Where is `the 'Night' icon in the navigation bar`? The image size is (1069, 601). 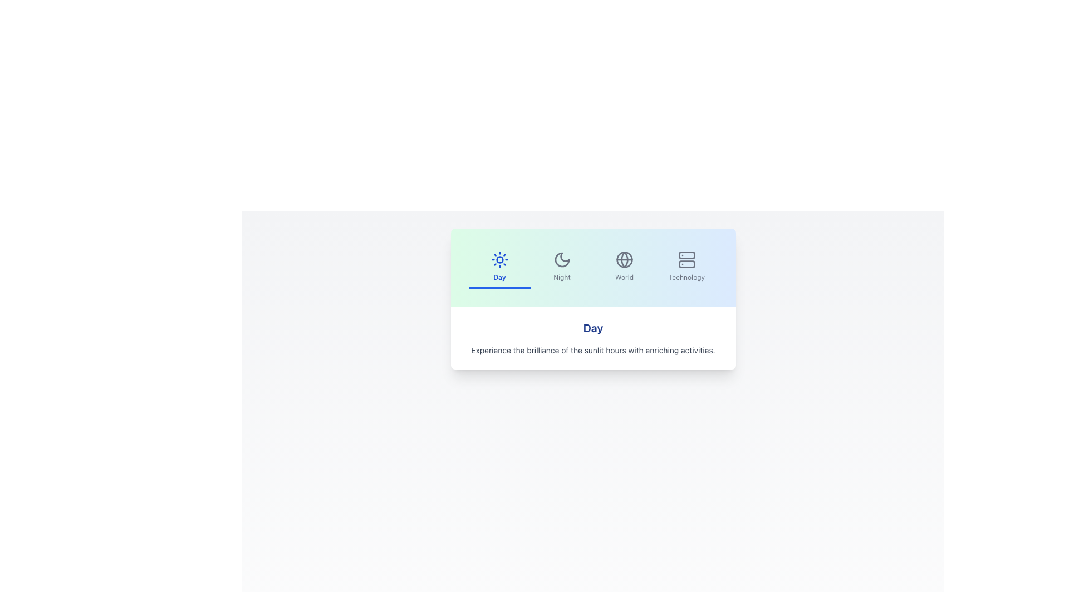
the 'Night' icon in the navigation bar is located at coordinates (562, 259).